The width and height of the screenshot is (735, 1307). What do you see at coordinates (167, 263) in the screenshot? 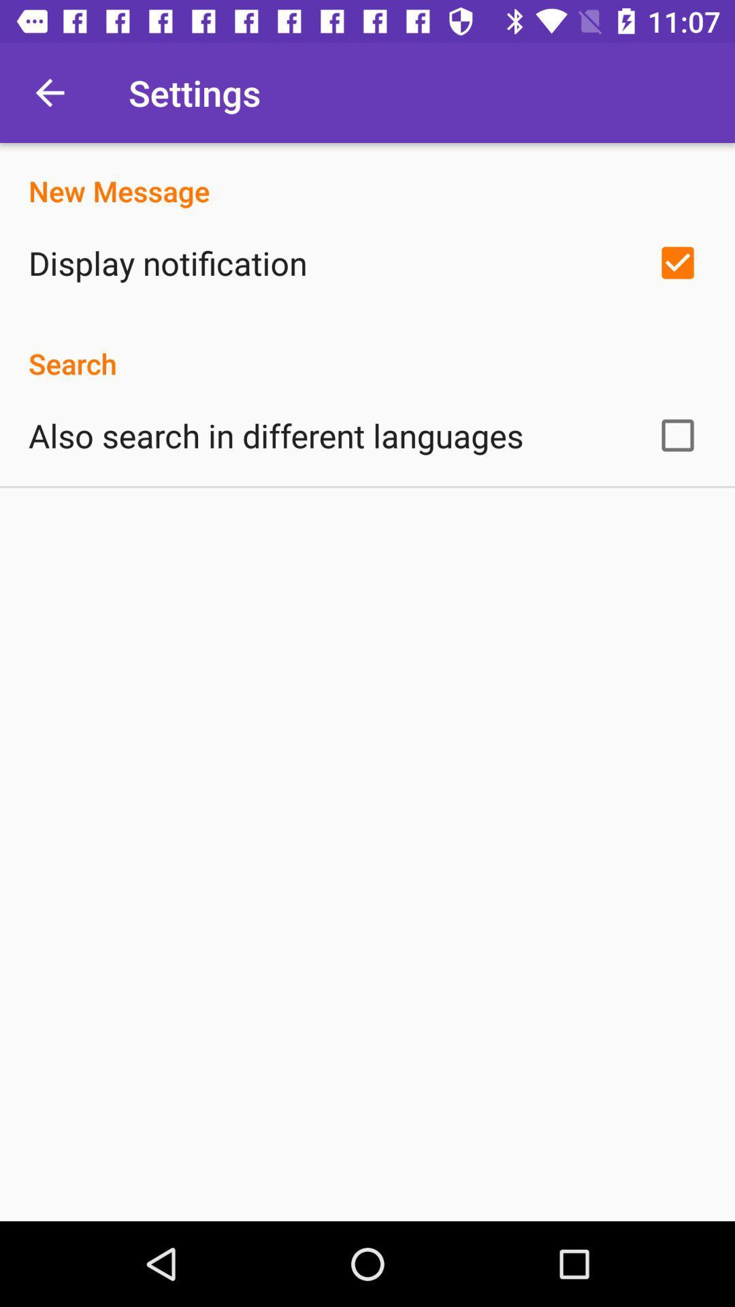
I see `the display notification item` at bounding box center [167, 263].